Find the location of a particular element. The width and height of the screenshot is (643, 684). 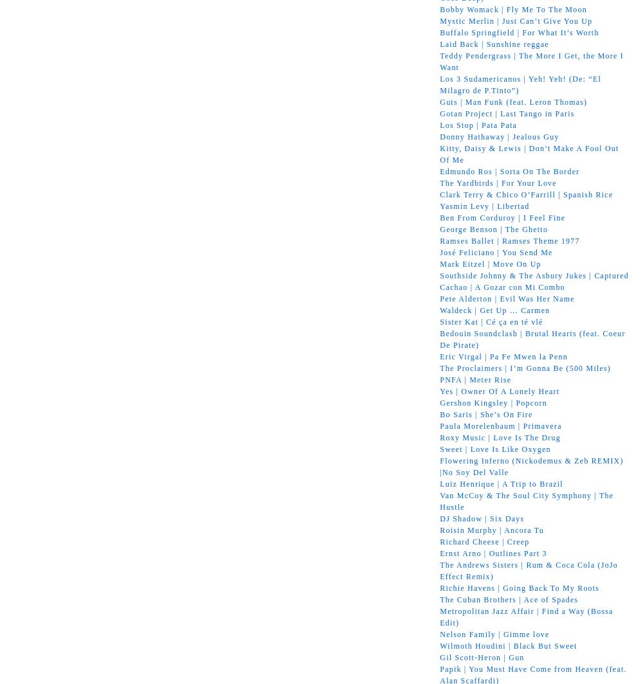

'Bedouin Soundclash | Brutal Hearts (feat. Coeur De Pirate)' is located at coordinates (532, 338).